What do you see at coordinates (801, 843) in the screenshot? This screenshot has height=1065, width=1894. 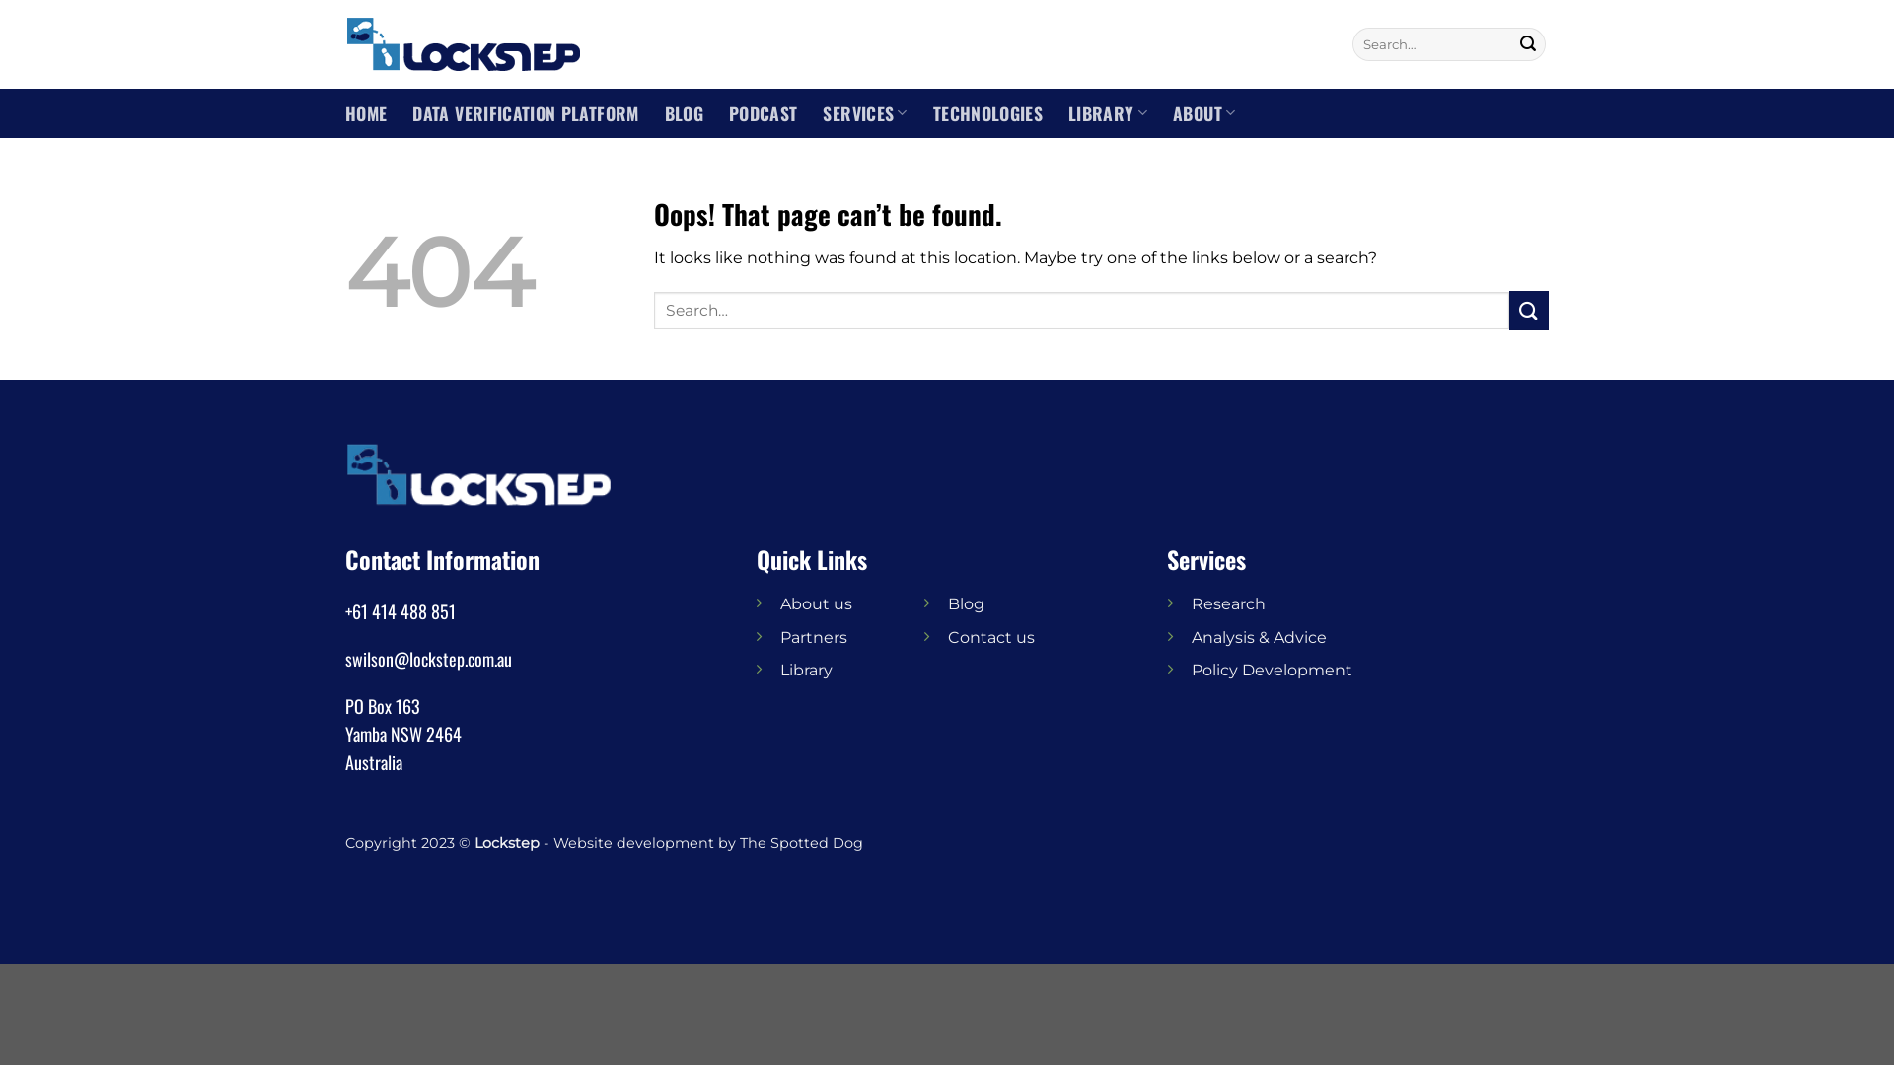 I see `'The Spotted Dog'` at bounding box center [801, 843].